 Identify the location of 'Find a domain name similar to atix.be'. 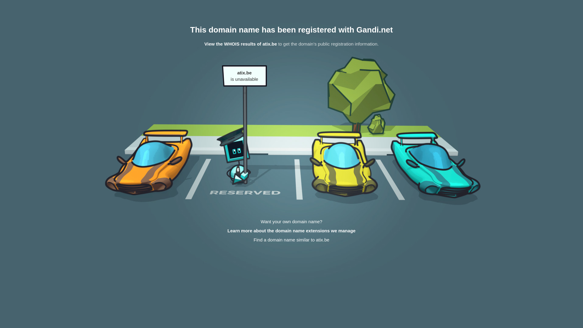
(291, 239).